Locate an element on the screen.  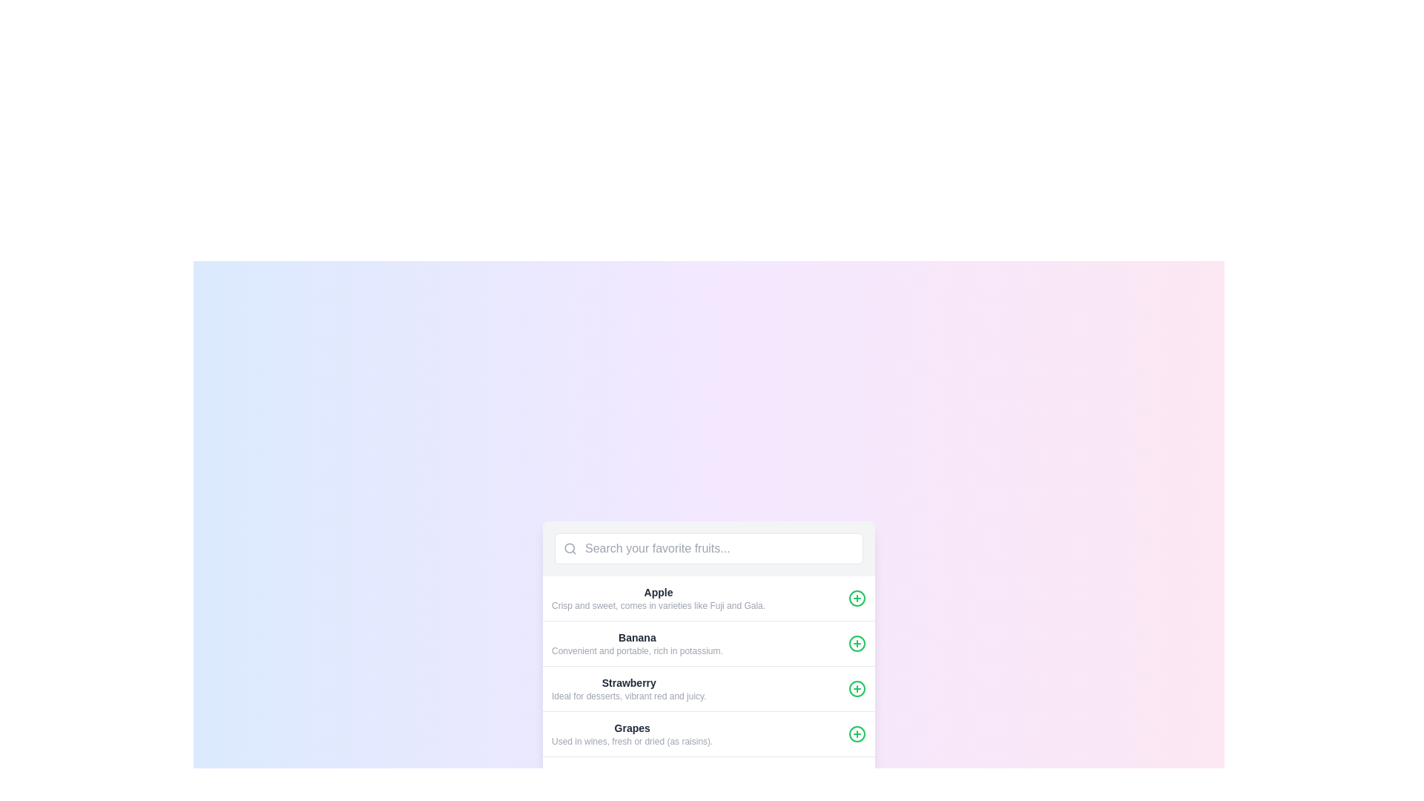
the circular green plus icon button located to the right of the text 'Banana Convenient and portable, rich in potassium.' is located at coordinates (857, 642).